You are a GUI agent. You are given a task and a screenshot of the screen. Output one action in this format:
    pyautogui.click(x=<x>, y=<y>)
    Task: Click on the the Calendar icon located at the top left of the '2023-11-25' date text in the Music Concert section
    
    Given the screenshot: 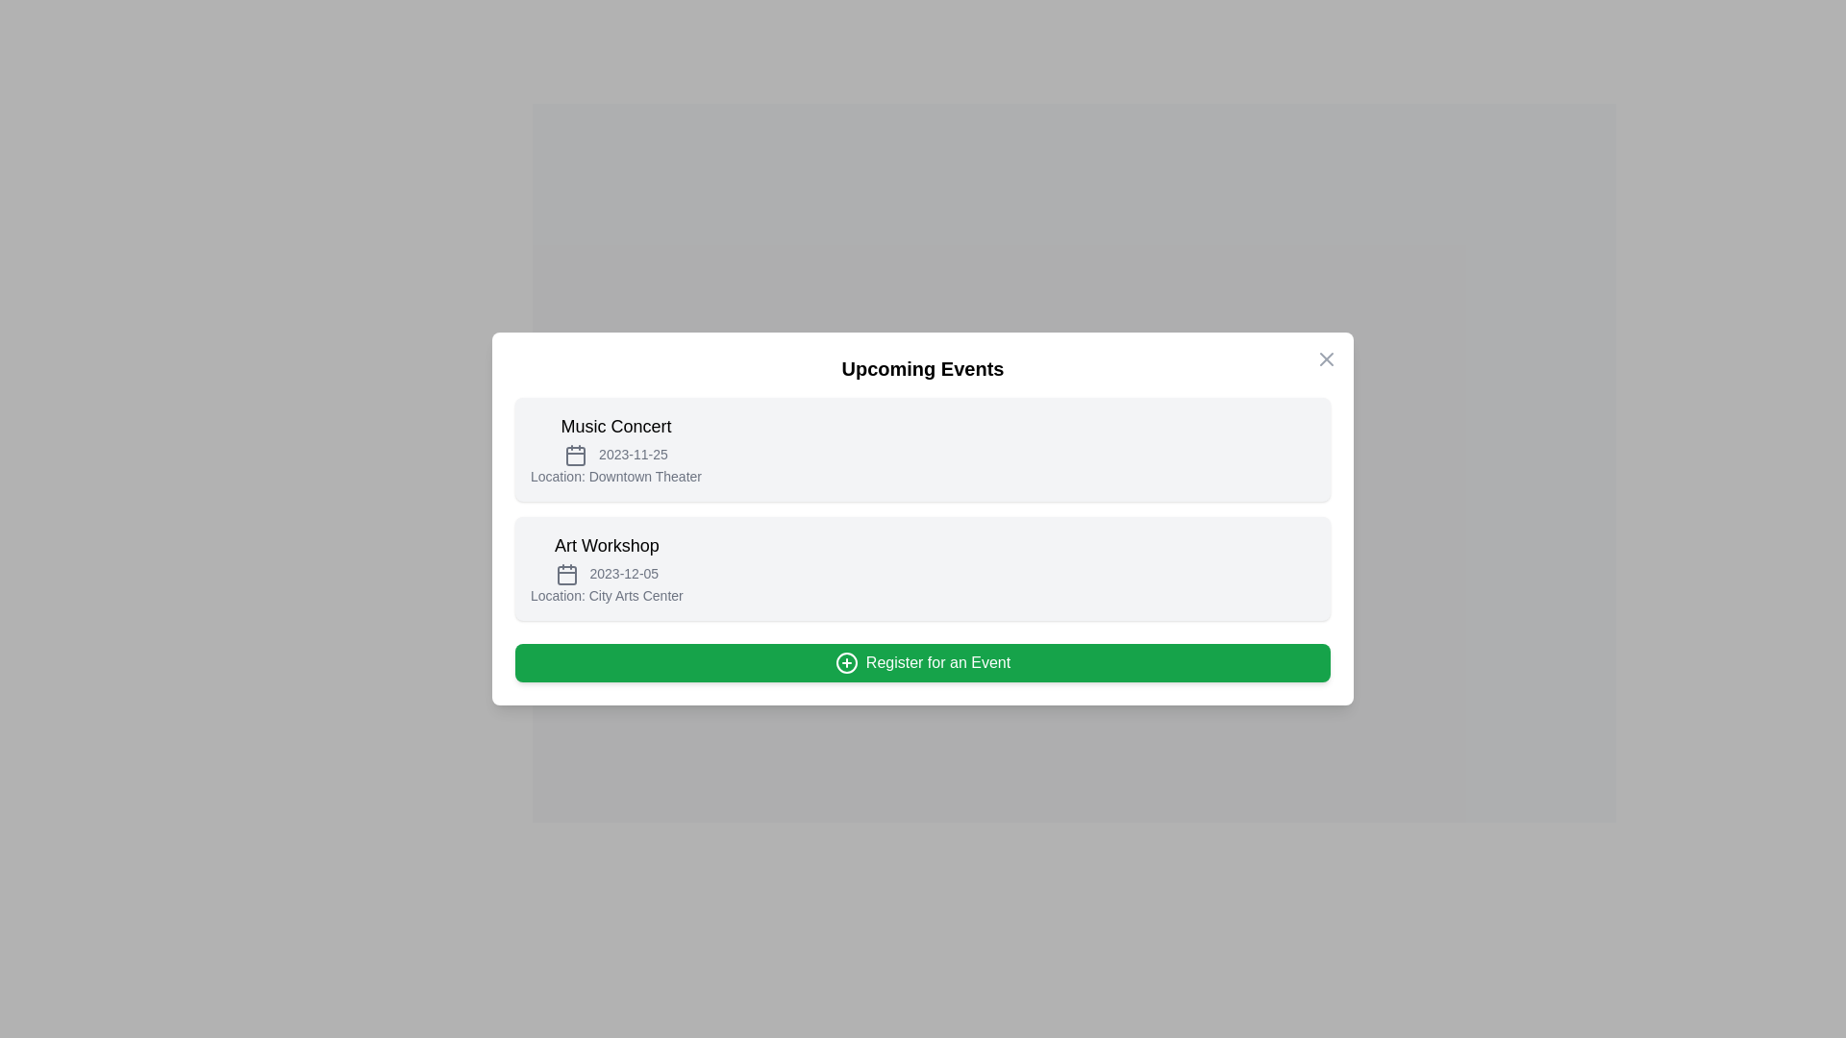 What is the action you would take?
    pyautogui.click(x=575, y=456)
    